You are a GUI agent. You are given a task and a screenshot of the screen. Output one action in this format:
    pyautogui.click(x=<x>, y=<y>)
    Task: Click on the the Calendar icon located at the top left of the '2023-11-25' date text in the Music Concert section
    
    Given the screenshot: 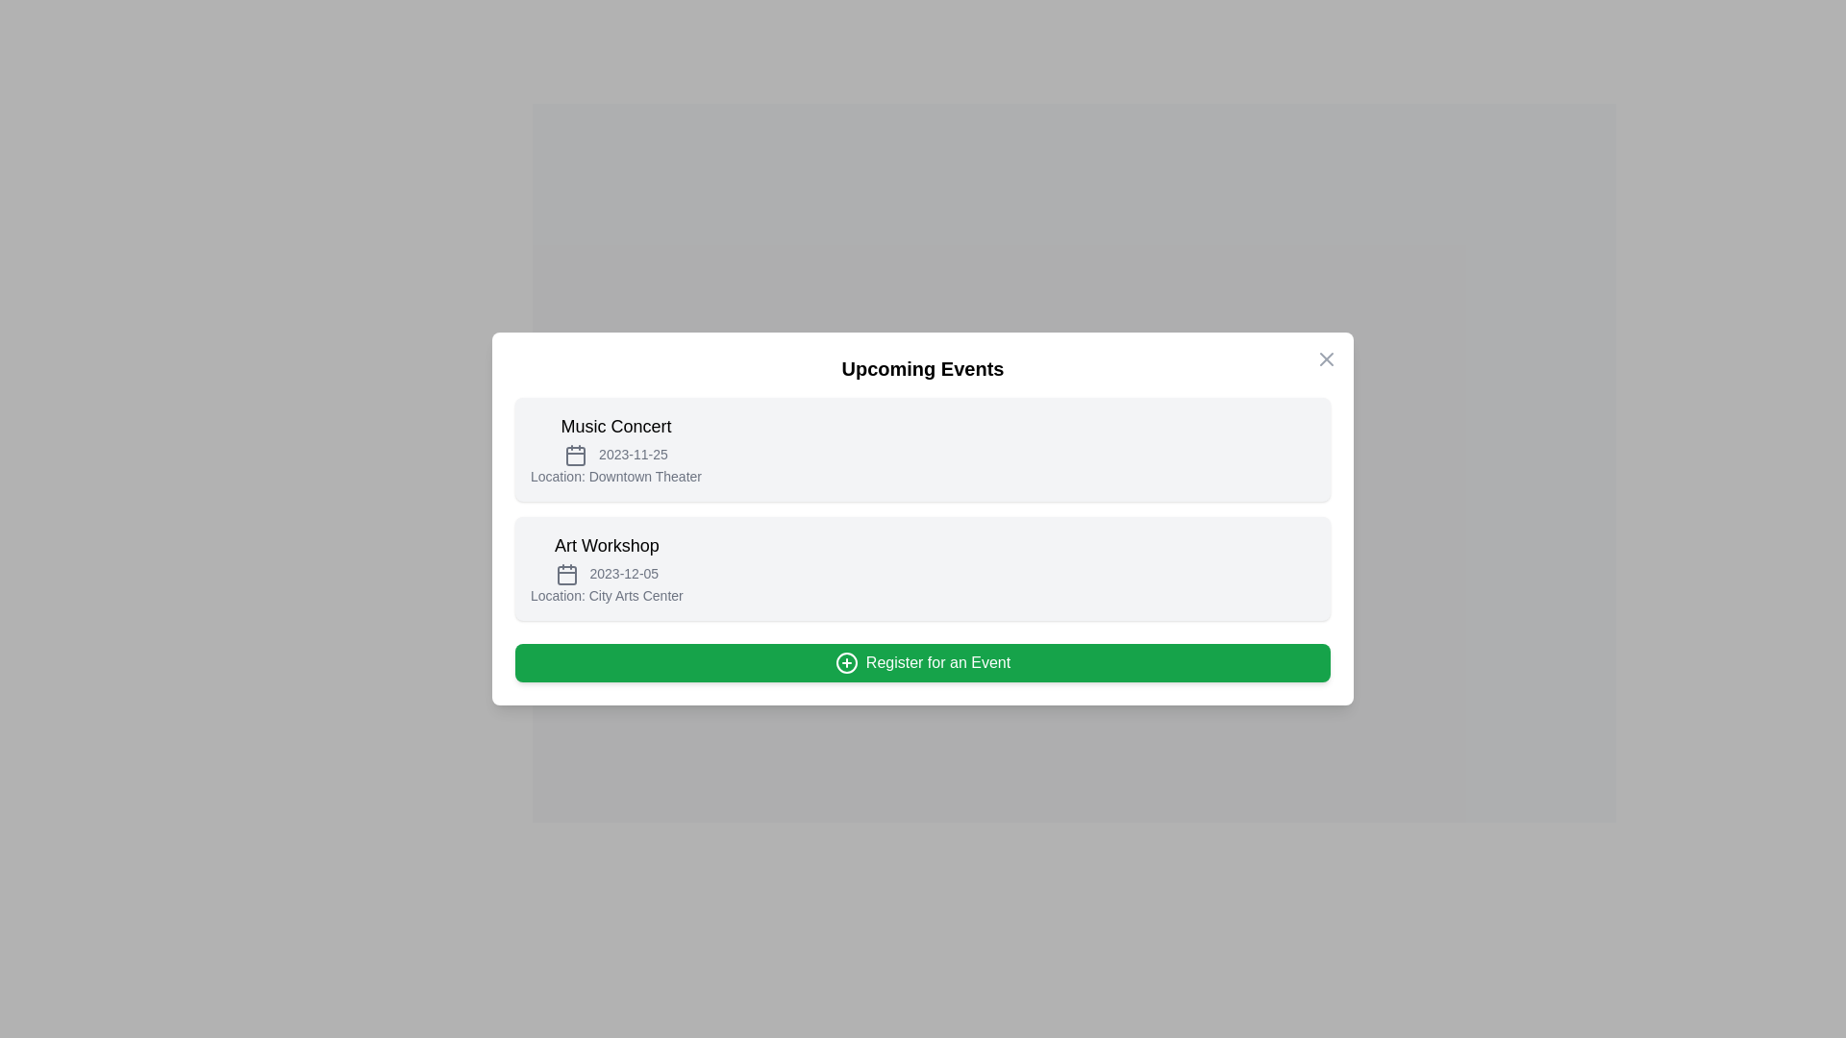 What is the action you would take?
    pyautogui.click(x=575, y=456)
    